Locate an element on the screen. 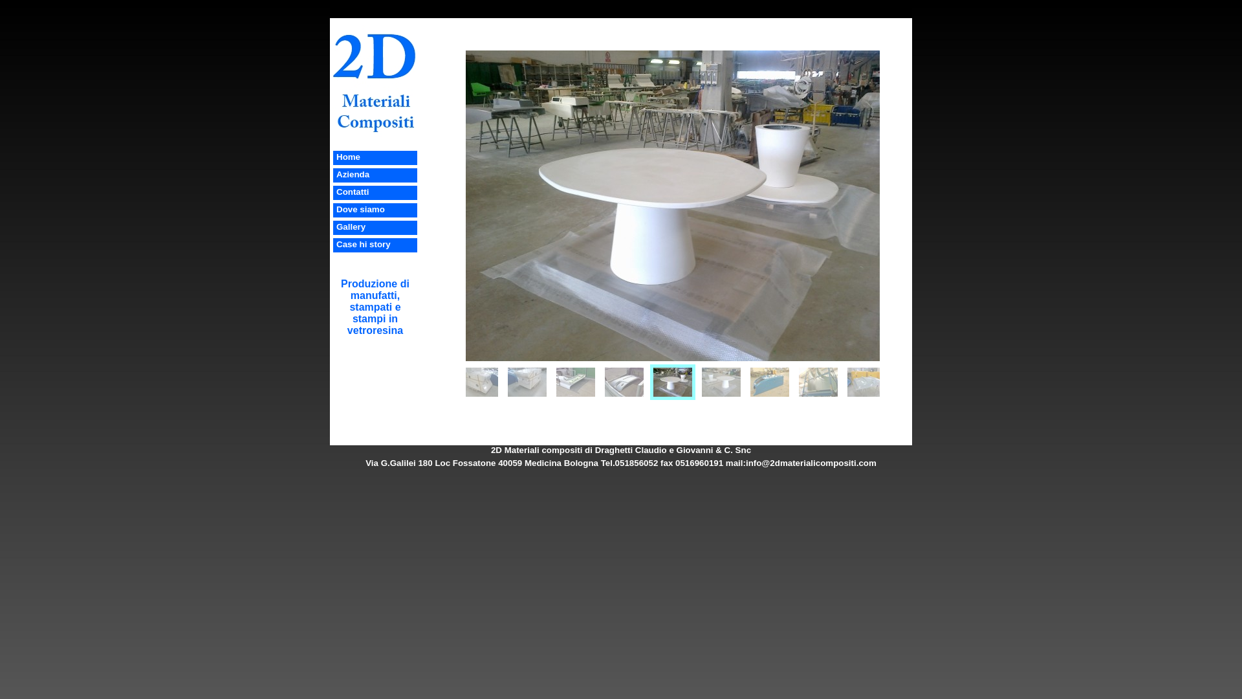 The height and width of the screenshot is (699, 1242). 'Dove siamo' is located at coordinates (360, 208).